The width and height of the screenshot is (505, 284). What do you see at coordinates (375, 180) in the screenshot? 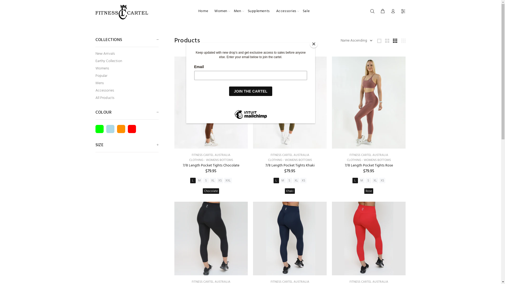
I see `'XL'` at bounding box center [375, 180].